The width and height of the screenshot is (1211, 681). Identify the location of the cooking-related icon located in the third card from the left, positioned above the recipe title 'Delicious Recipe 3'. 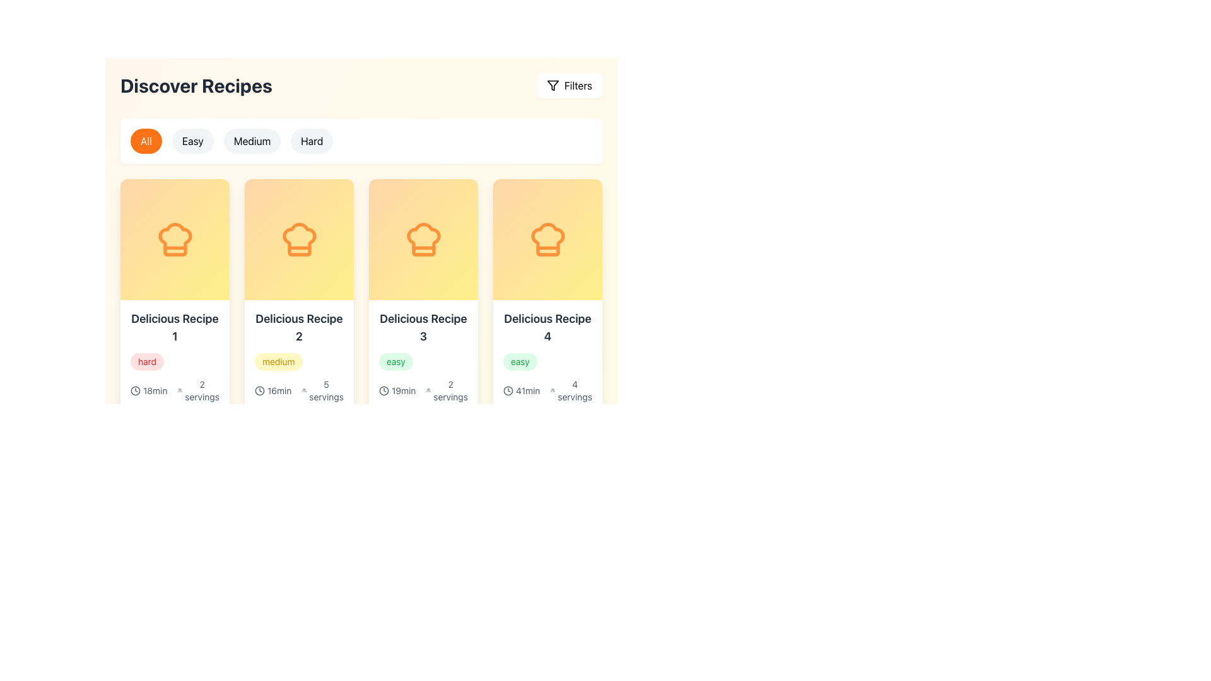
(423, 239).